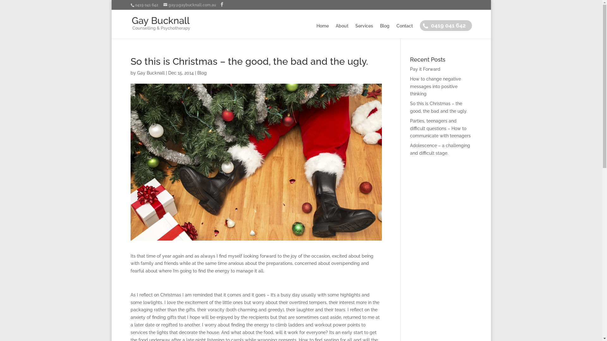 The width and height of the screenshot is (607, 341). I want to click on 'How to change negative messages into positive thinking', so click(435, 86).